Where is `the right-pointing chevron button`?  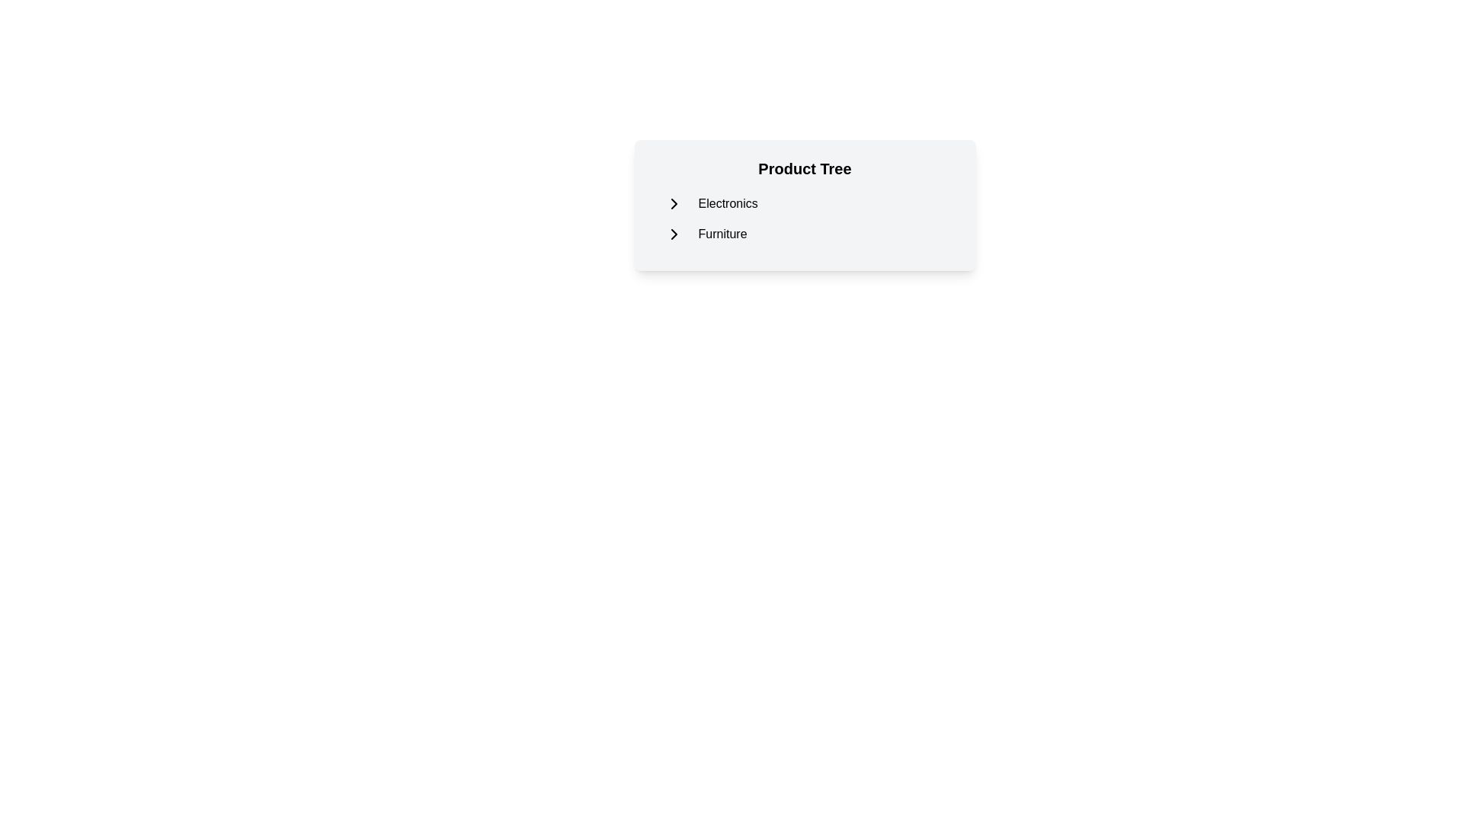
the right-pointing chevron button is located at coordinates (673, 234).